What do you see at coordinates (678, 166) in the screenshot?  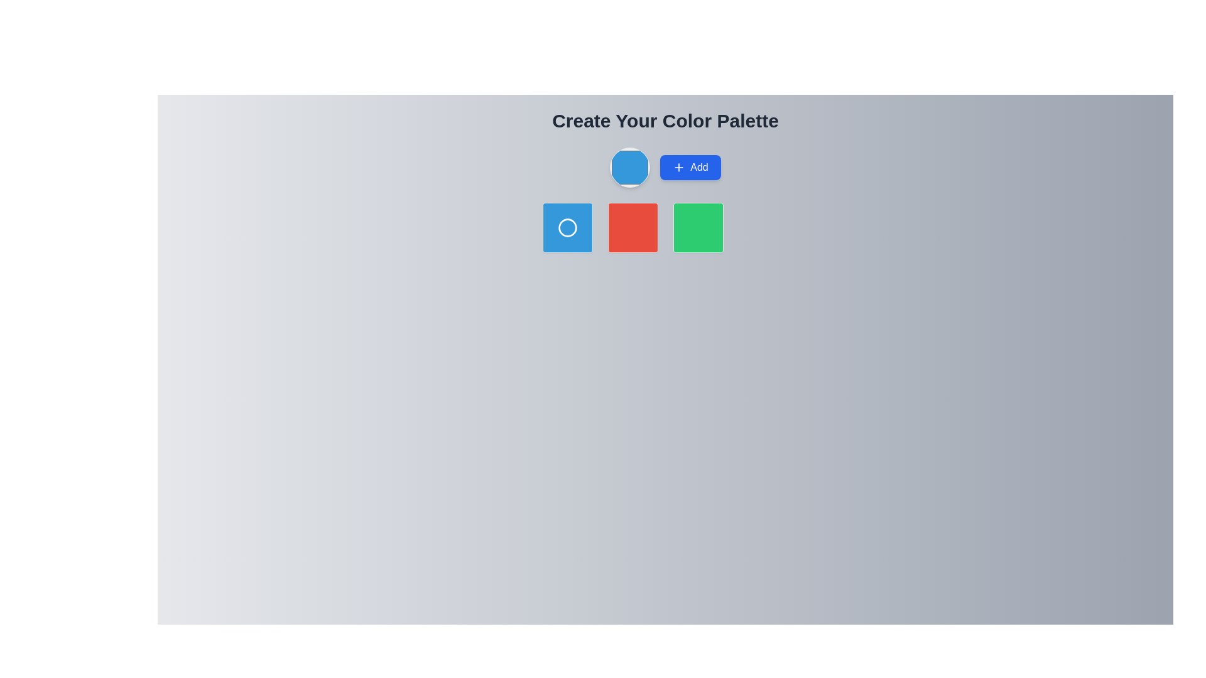 I see `the icon part of the 'Add' button located at the top center of the interface under the heading 'Create Your Color Palette'` at bounding box center [678, 166].